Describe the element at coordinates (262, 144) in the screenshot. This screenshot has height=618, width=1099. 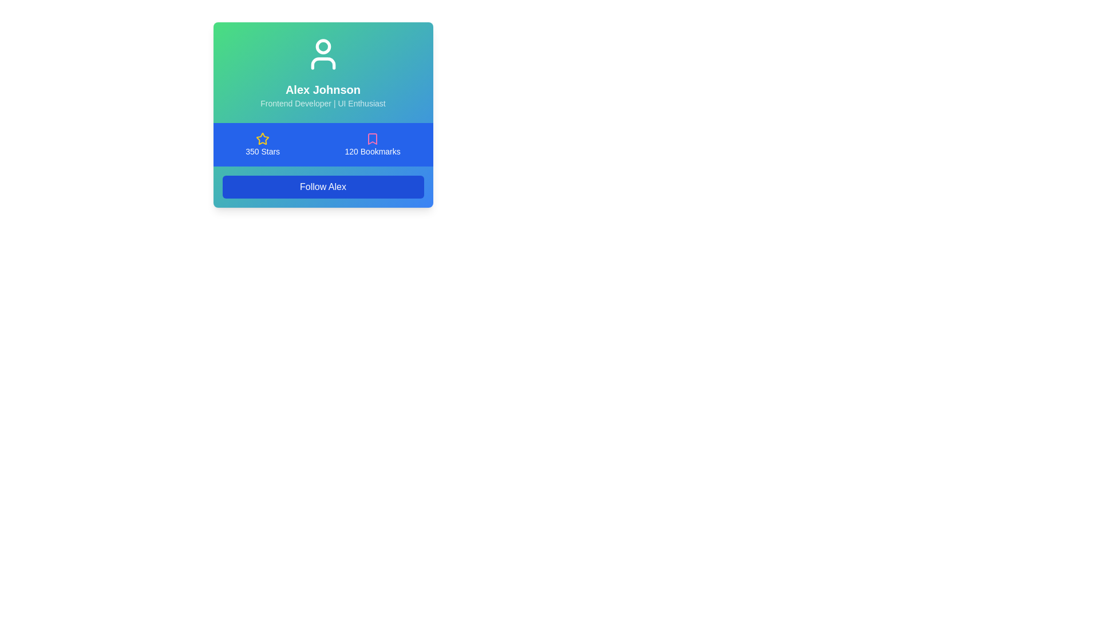
I see `the Label with a yellow star icon displaying '350 Stars' on a blue background by moving the cursor to its center` at that location.